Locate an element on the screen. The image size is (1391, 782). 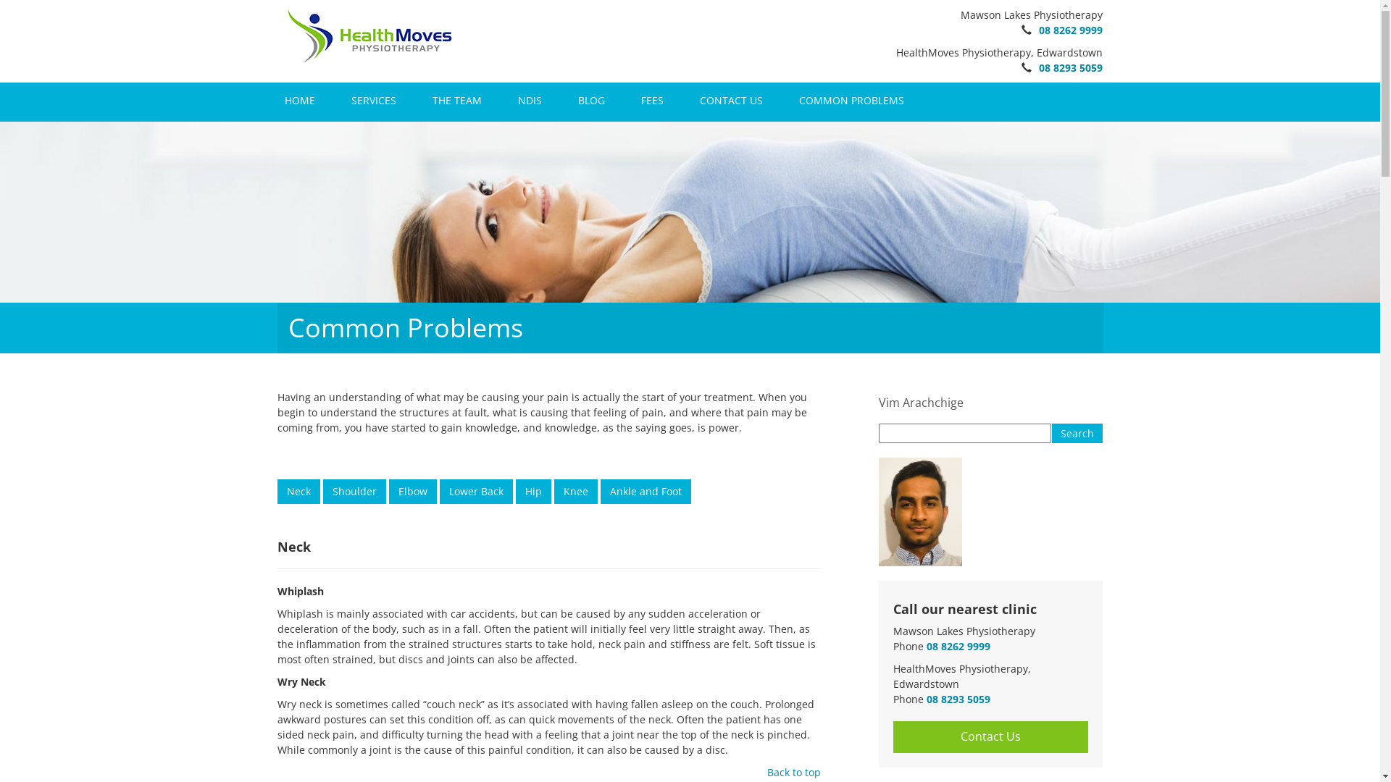
'08 8262 9999' is located at coordinates (957, 645).